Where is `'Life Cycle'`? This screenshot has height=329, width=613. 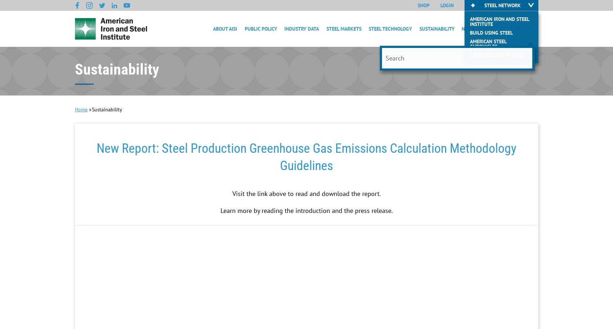 'Life Cycle' is located at coordinates (430, 101).